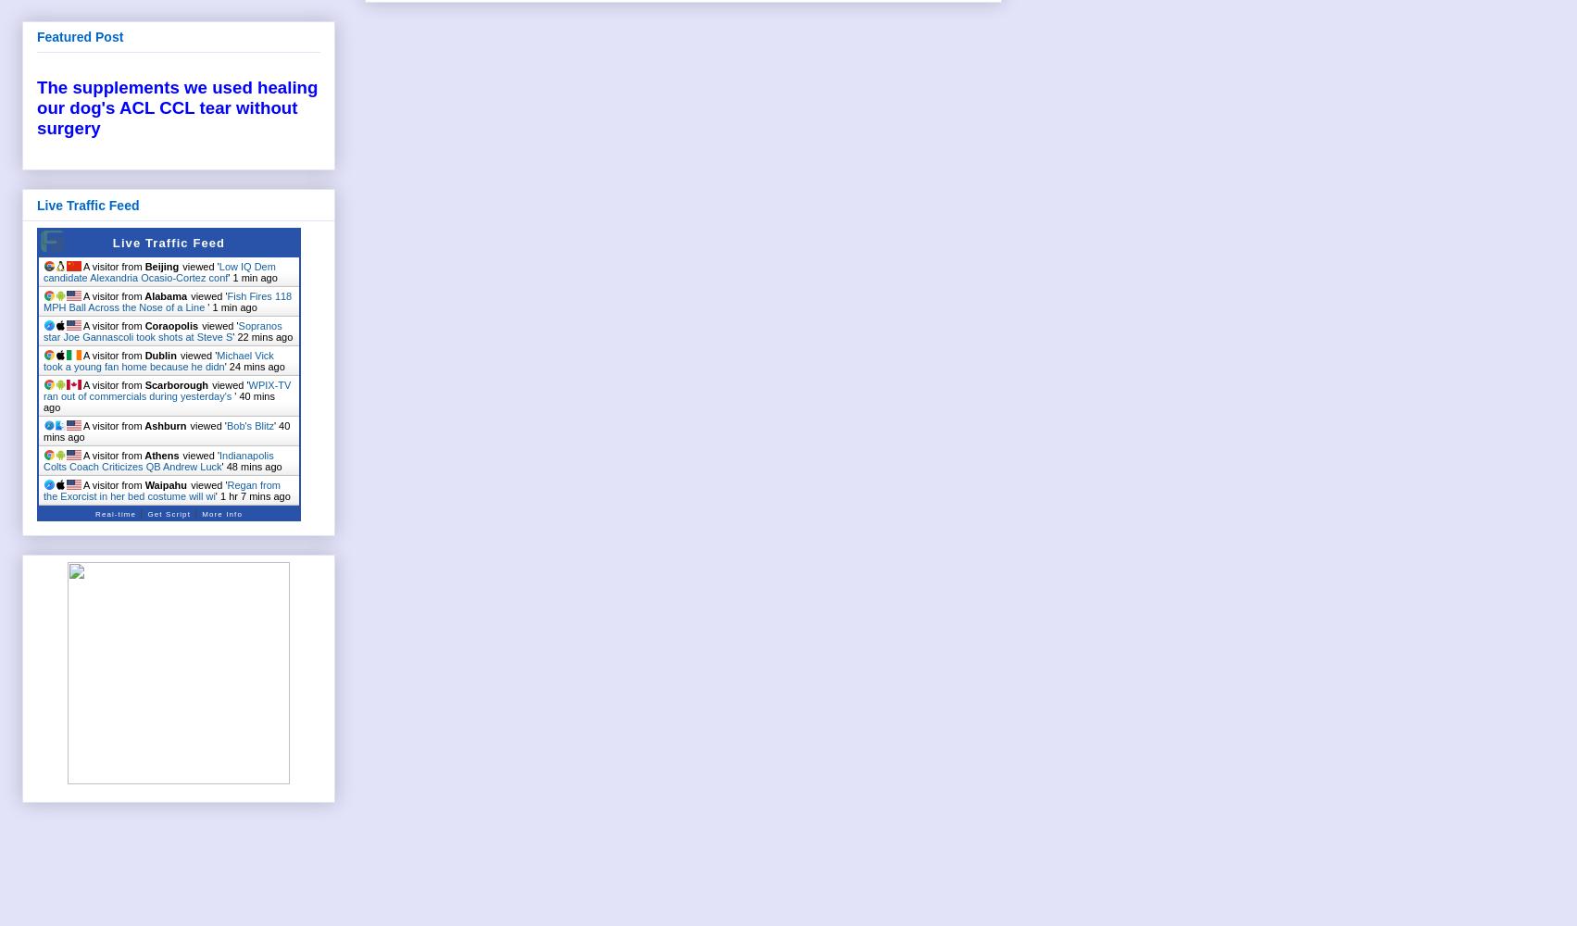 The width and height of the screenshot is (1577, 926). Describe the element at coordinates (161, 490) in the screenshot. I see `'Regan from the Exorcist in her bed costume will wi'` at that location.